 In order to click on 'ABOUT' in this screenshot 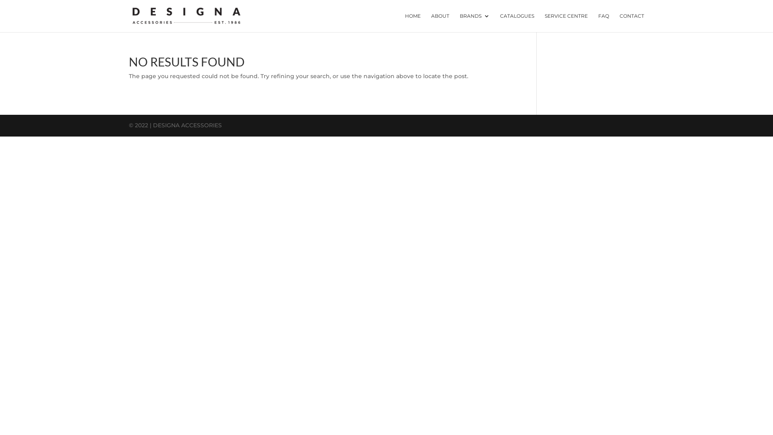, I will do `click(440, 22)`.